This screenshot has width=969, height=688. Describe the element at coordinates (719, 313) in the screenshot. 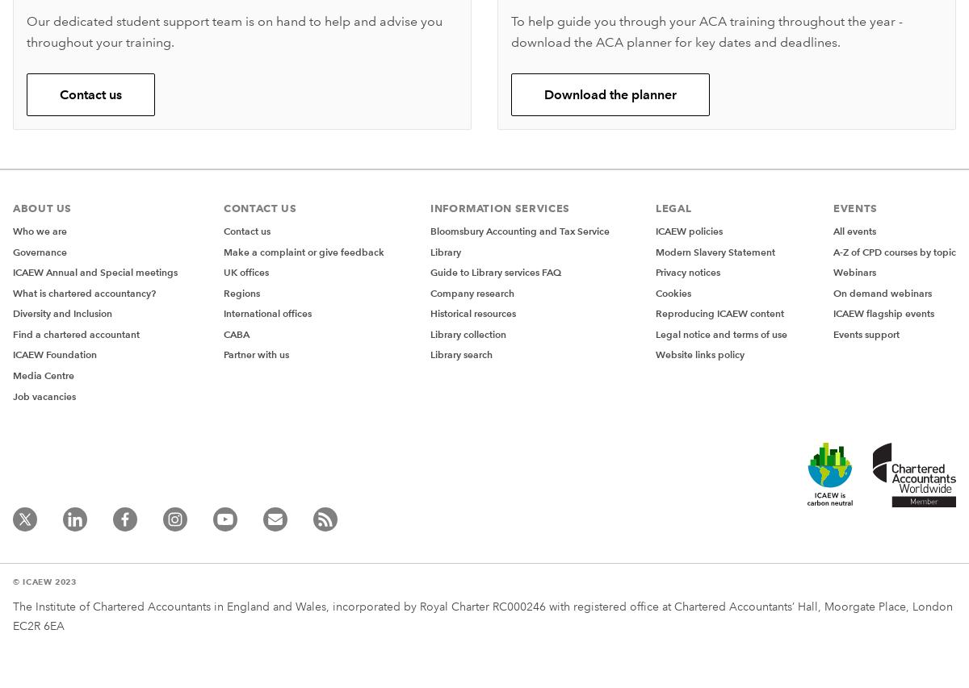

I see `'Reproducing ICAEW content'` at that location.